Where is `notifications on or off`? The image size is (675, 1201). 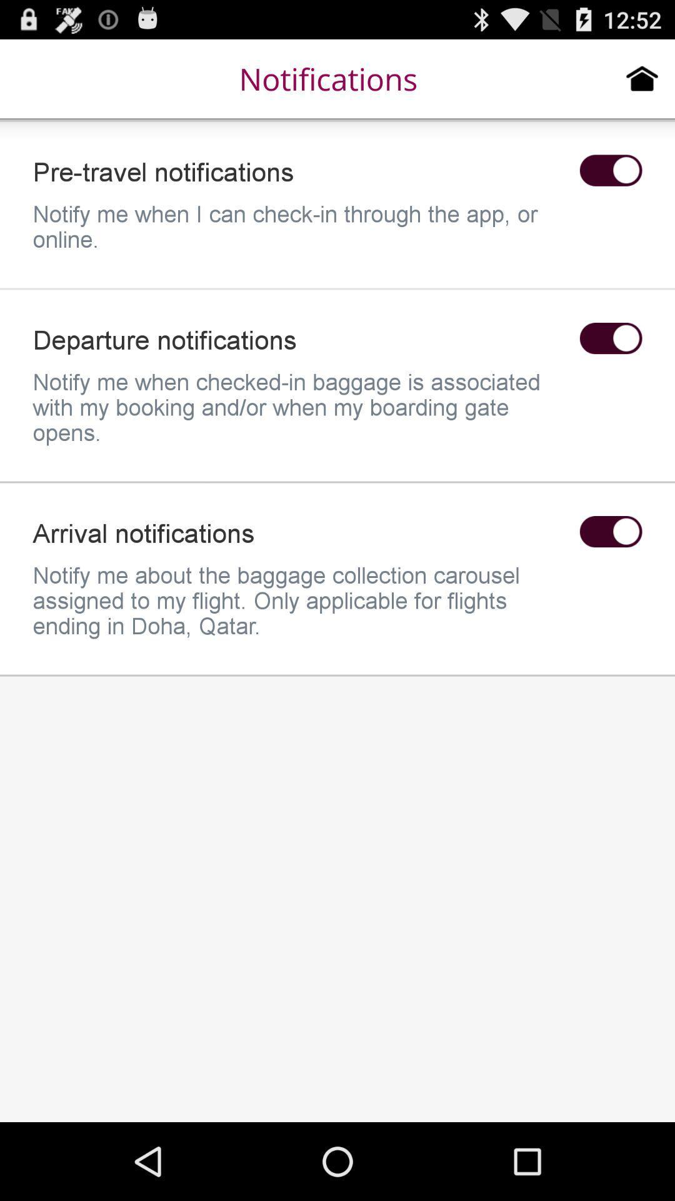
notifications on or off is located at coordinates (610, 170).